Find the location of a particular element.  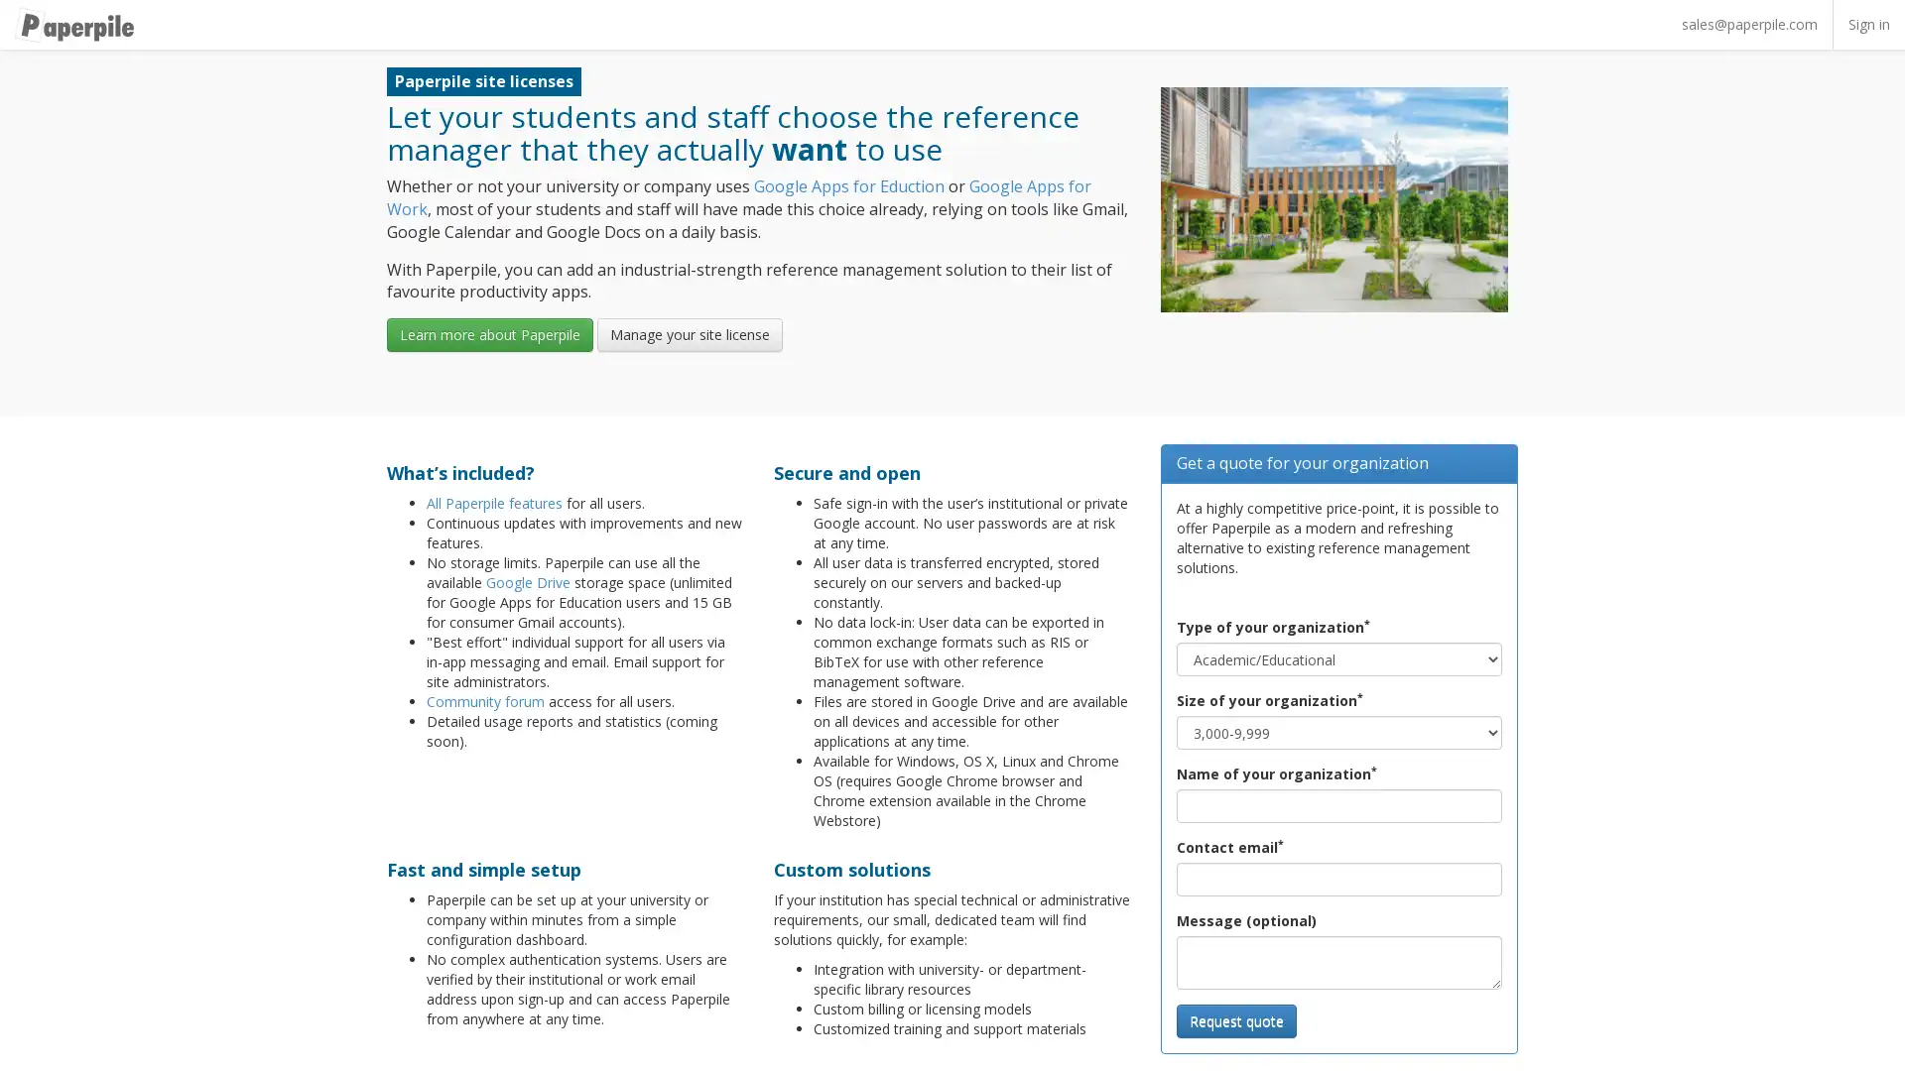

Manage your site license is located at coordinates (690, 334).